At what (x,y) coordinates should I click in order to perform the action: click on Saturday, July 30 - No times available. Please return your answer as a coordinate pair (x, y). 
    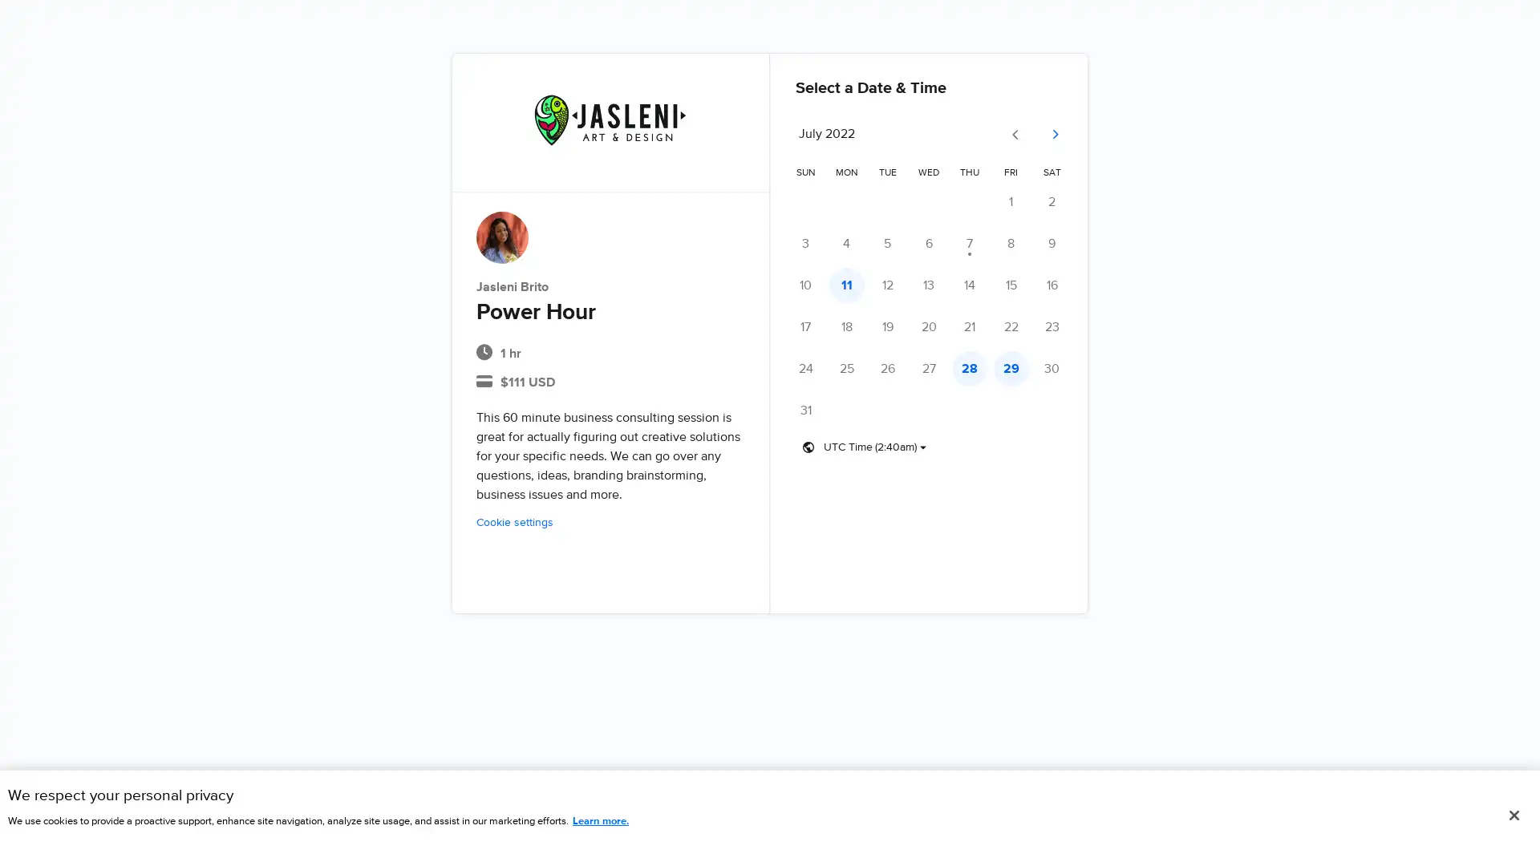
    Looking at the image, I should click on (1054, 368).